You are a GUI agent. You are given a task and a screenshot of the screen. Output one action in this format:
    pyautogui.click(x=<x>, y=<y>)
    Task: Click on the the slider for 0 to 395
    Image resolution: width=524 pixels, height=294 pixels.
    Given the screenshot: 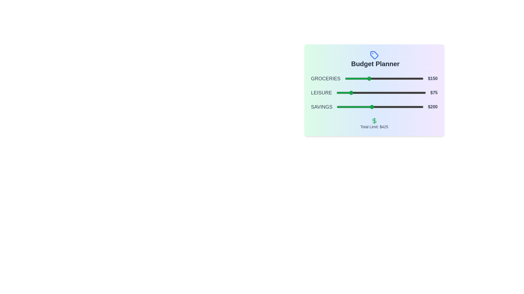 What is the action you would take?
    pyautogui.click(x=407, y=79)
    